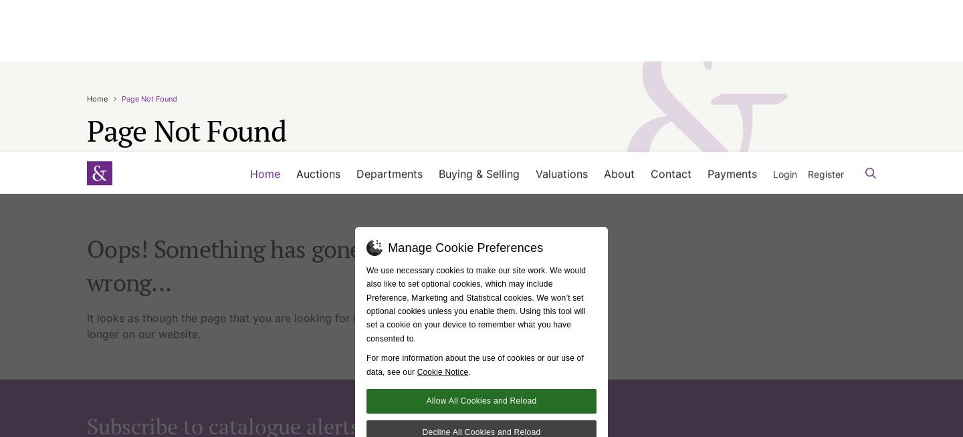 This screenshot has width=963, height=437. I want to click on 'Valuation Days', so click(546, 112).